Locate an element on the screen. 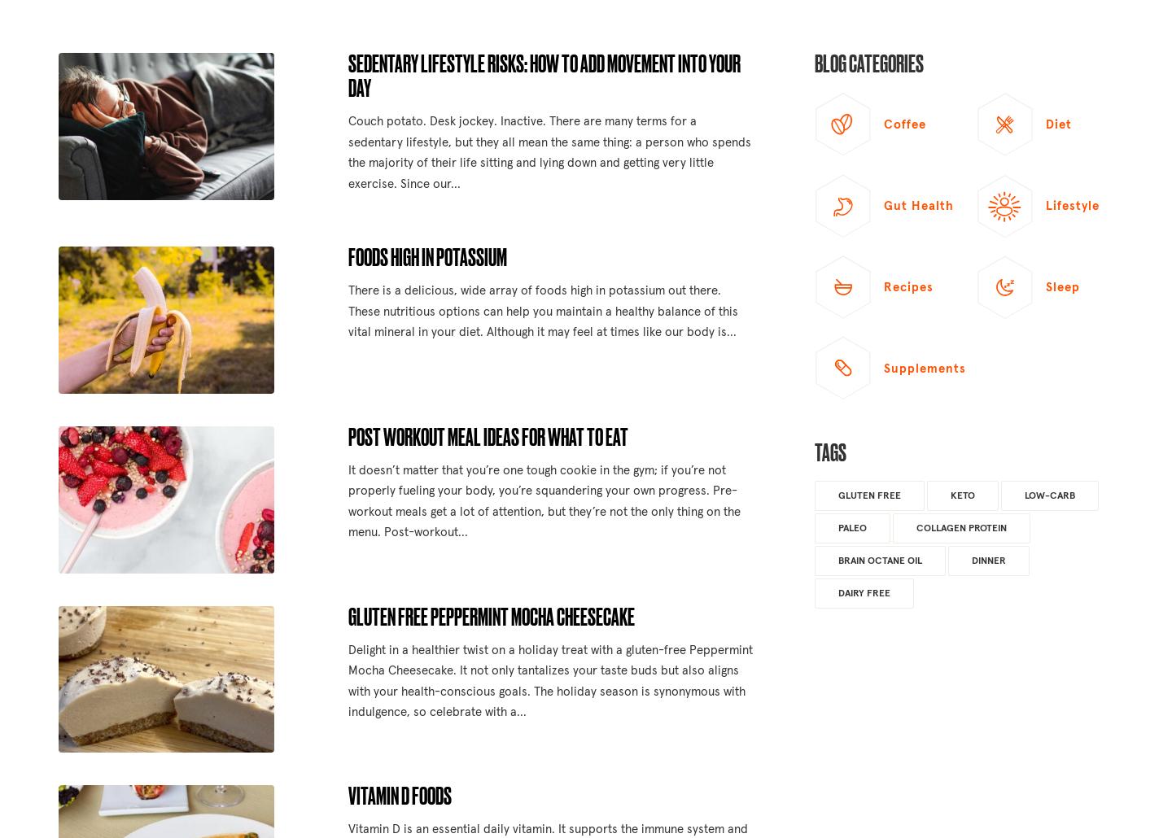 This screenshot has height=838, width=1172. 'Tags' is located at coordinates (813, 452).